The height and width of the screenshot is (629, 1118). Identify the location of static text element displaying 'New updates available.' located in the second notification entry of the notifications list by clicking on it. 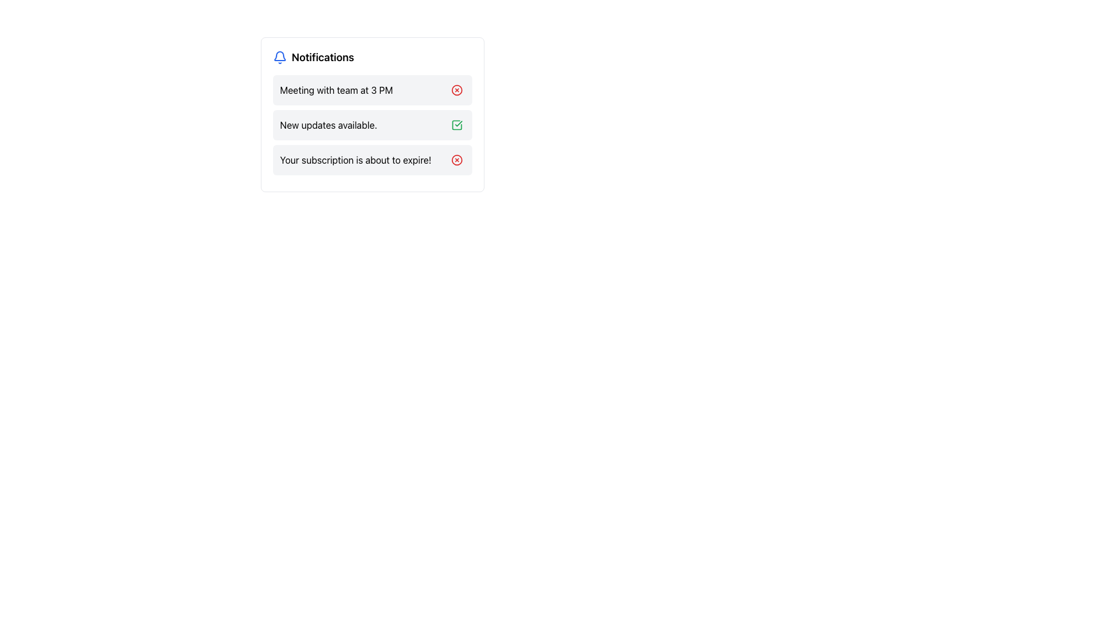
(328, 125).